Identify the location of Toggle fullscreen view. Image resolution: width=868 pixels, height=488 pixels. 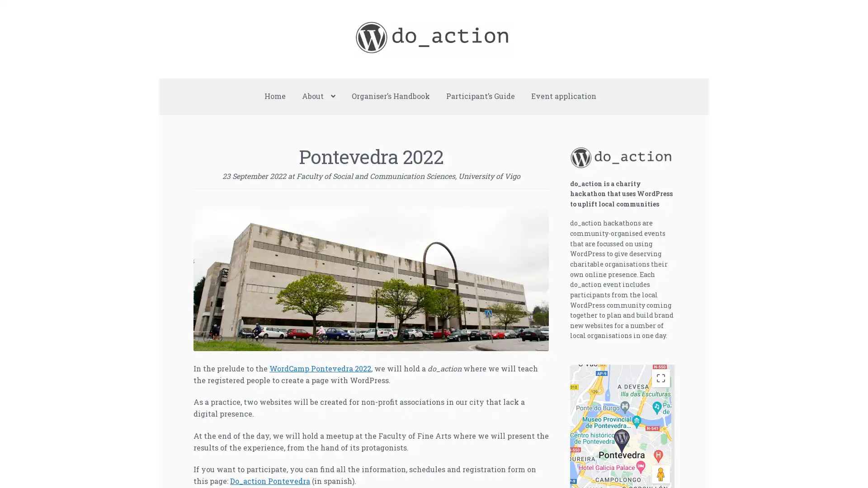
(660, 378).